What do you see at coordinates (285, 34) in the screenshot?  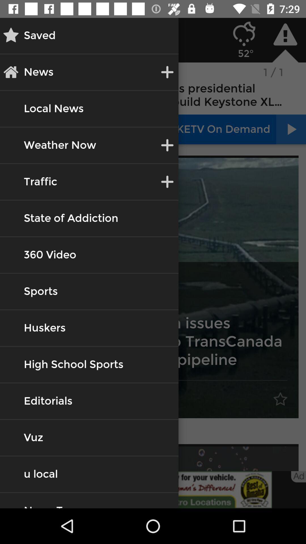 I see `alert icon at top right` at bounding box center [285, 34].